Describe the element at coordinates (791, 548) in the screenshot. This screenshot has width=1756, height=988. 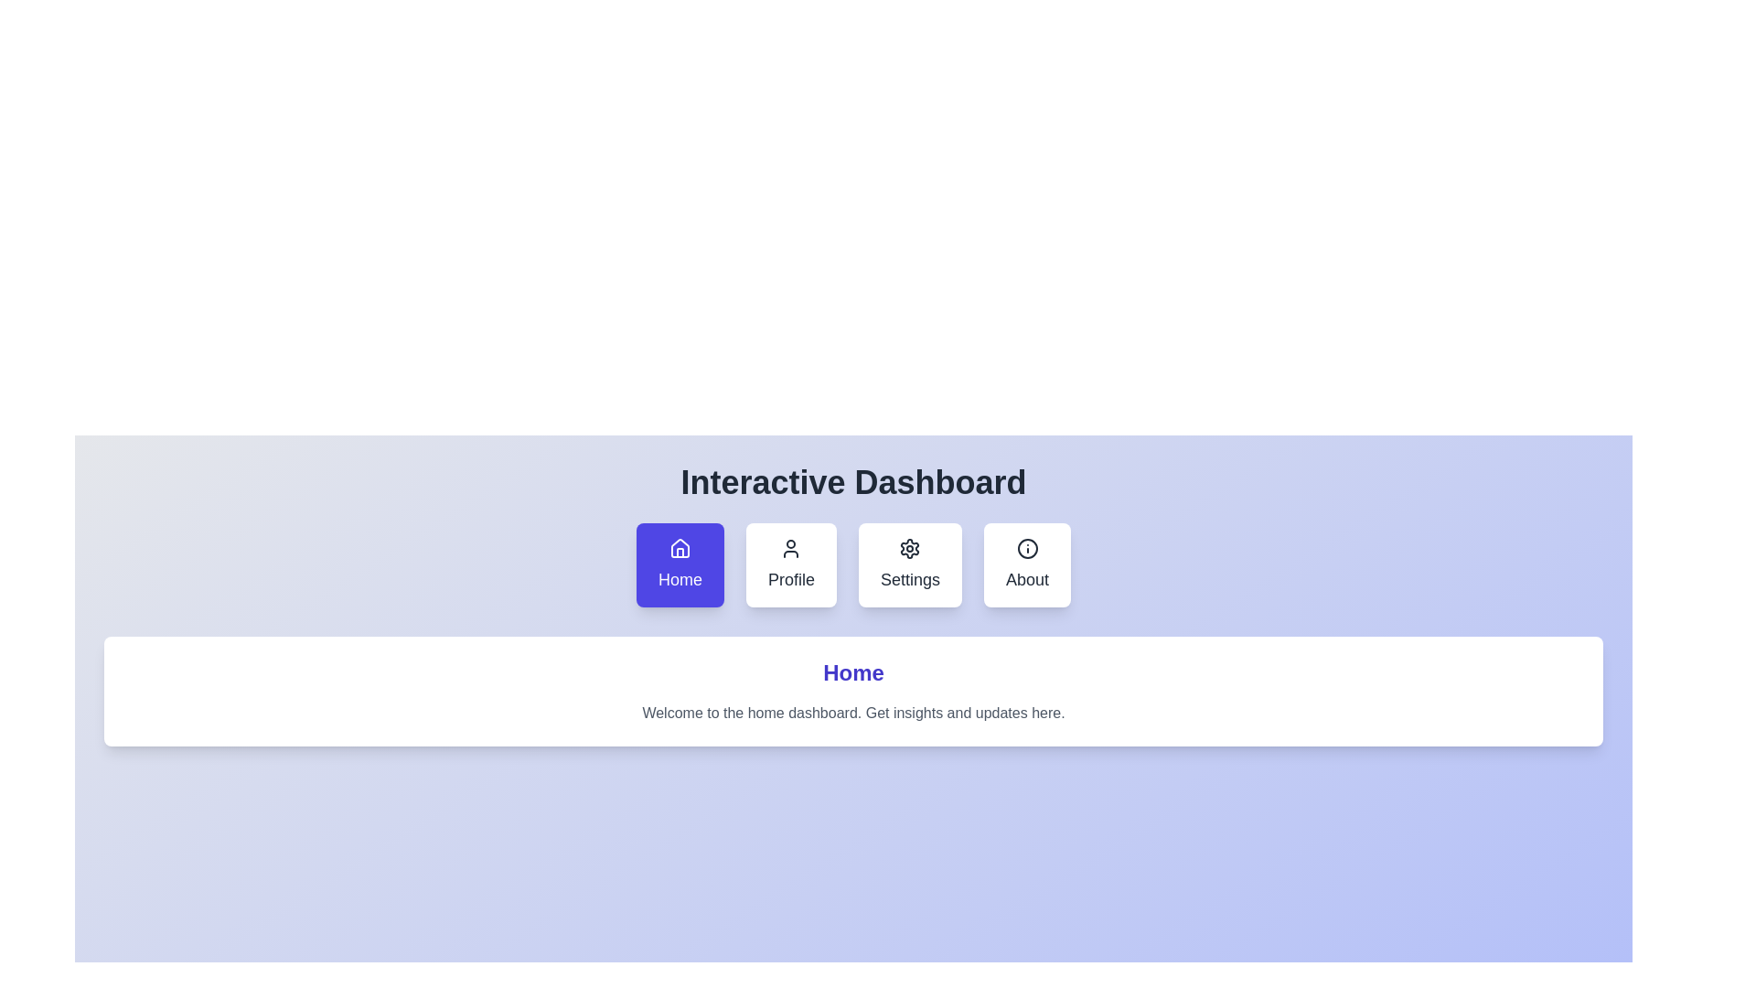
I see `the Profile button icon, which serves as a visual indicator for user-related features or account settings, positioned in the top-center of the button beneath the heading 'Interactive Dashboard'` at that location.